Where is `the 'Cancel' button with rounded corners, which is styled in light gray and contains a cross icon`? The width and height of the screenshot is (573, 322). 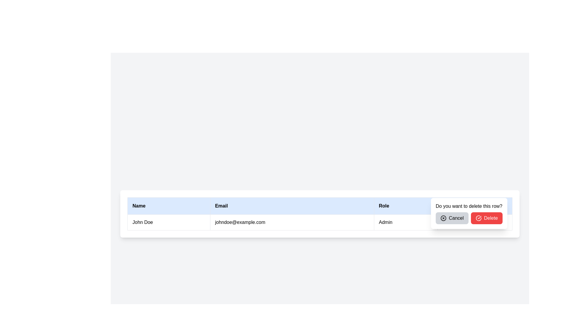
the 'Cancel' button with rounded corners, which is styled in light gray and contains a cross icon is located at coordinates (452, 218).